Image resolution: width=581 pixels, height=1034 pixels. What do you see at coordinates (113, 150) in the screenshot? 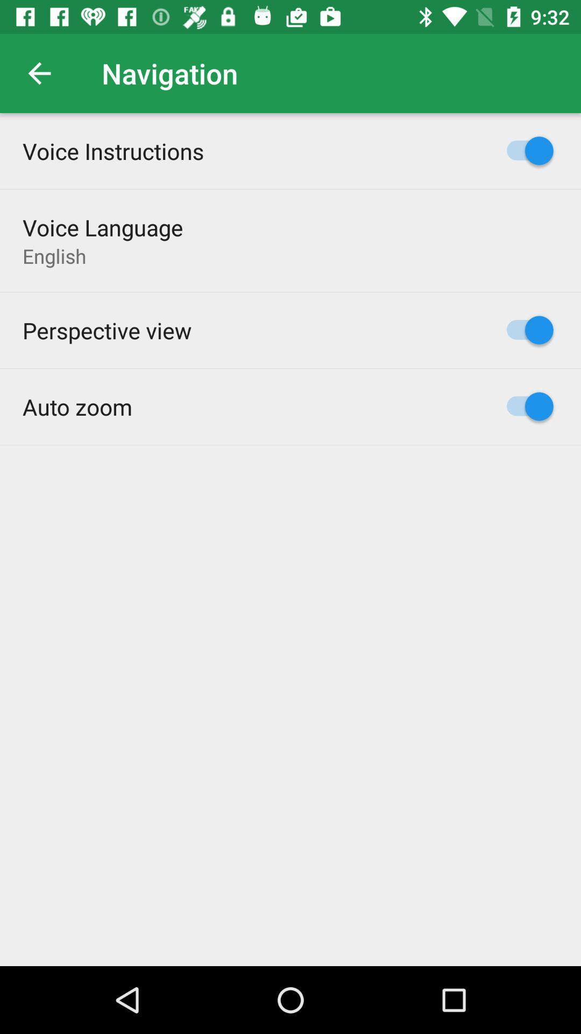
I see `the item above the voice language item` at bounding box center [113, 150].